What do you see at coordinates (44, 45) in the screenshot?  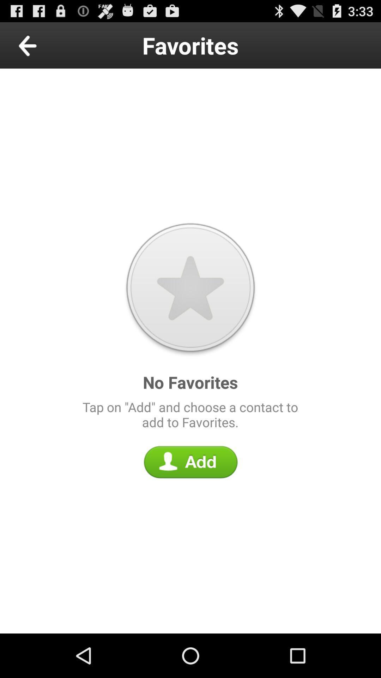 I see `previous` at bounding box center [44, 45].